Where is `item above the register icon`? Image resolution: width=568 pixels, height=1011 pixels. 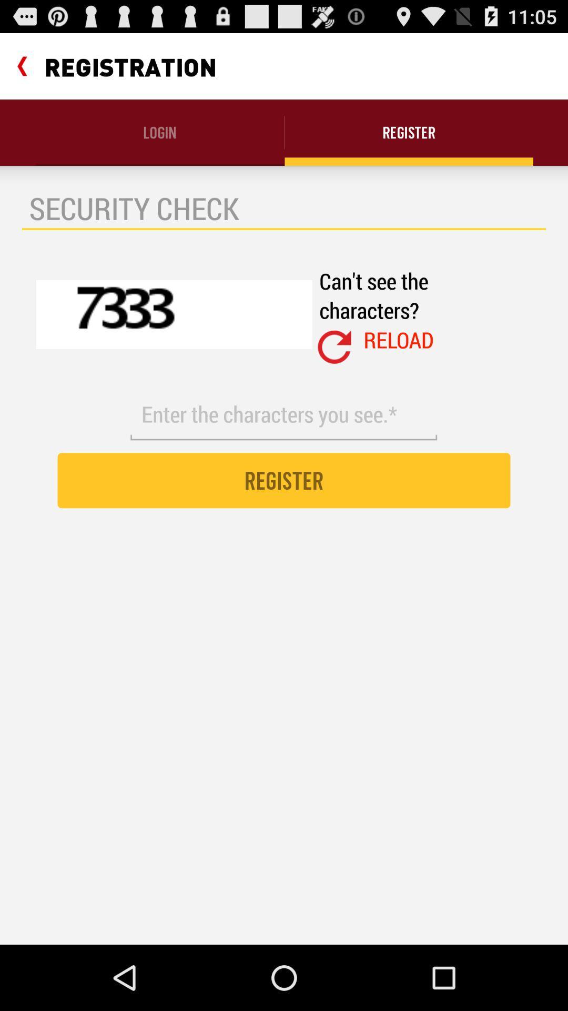
item above the register icon is located at coordinates (283, 414).